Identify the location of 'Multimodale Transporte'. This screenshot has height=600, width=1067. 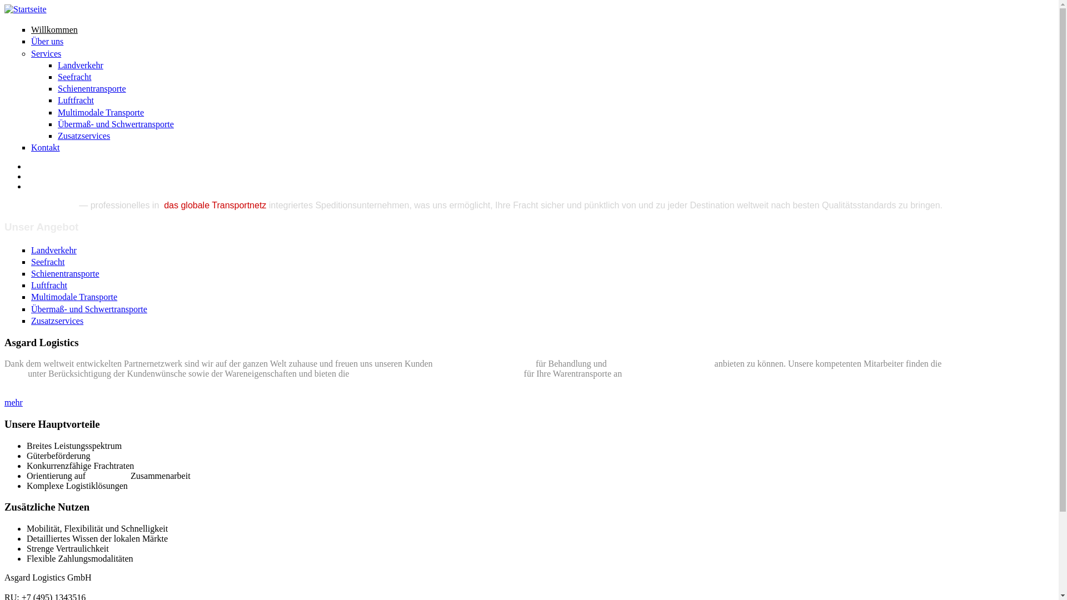
(31, 296).